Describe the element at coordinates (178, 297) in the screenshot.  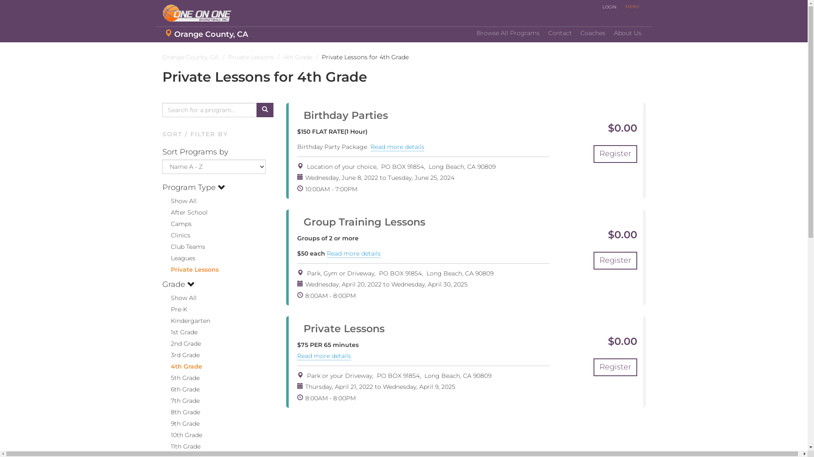
I see `'Show All'` at that location.